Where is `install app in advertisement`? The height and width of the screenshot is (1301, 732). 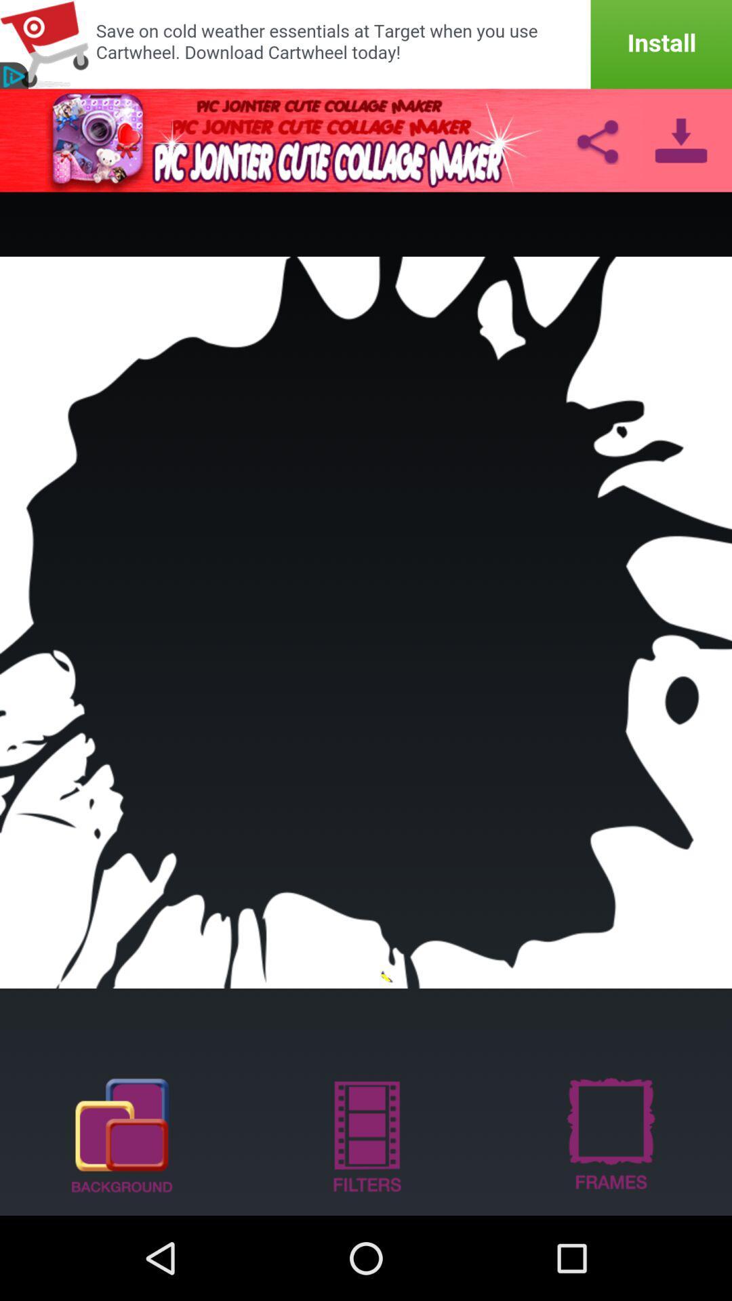
install app in advertisement is located at coordinates (366, 44).